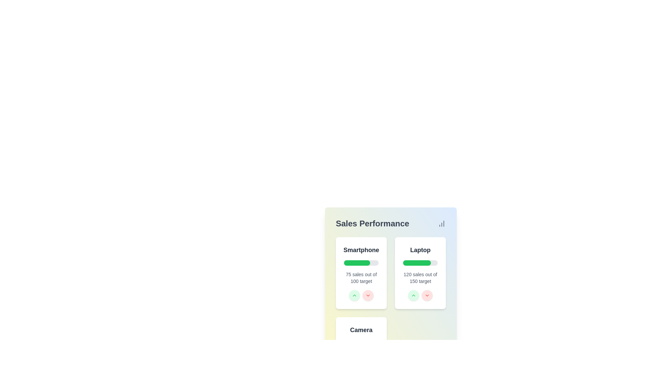 This screenshot has width=652, height=366. Describe the element at coordinates (441, 223) in the screenshot. I see `the icon located in the upper-right corner of the 'Sales Performance' section` at that location.